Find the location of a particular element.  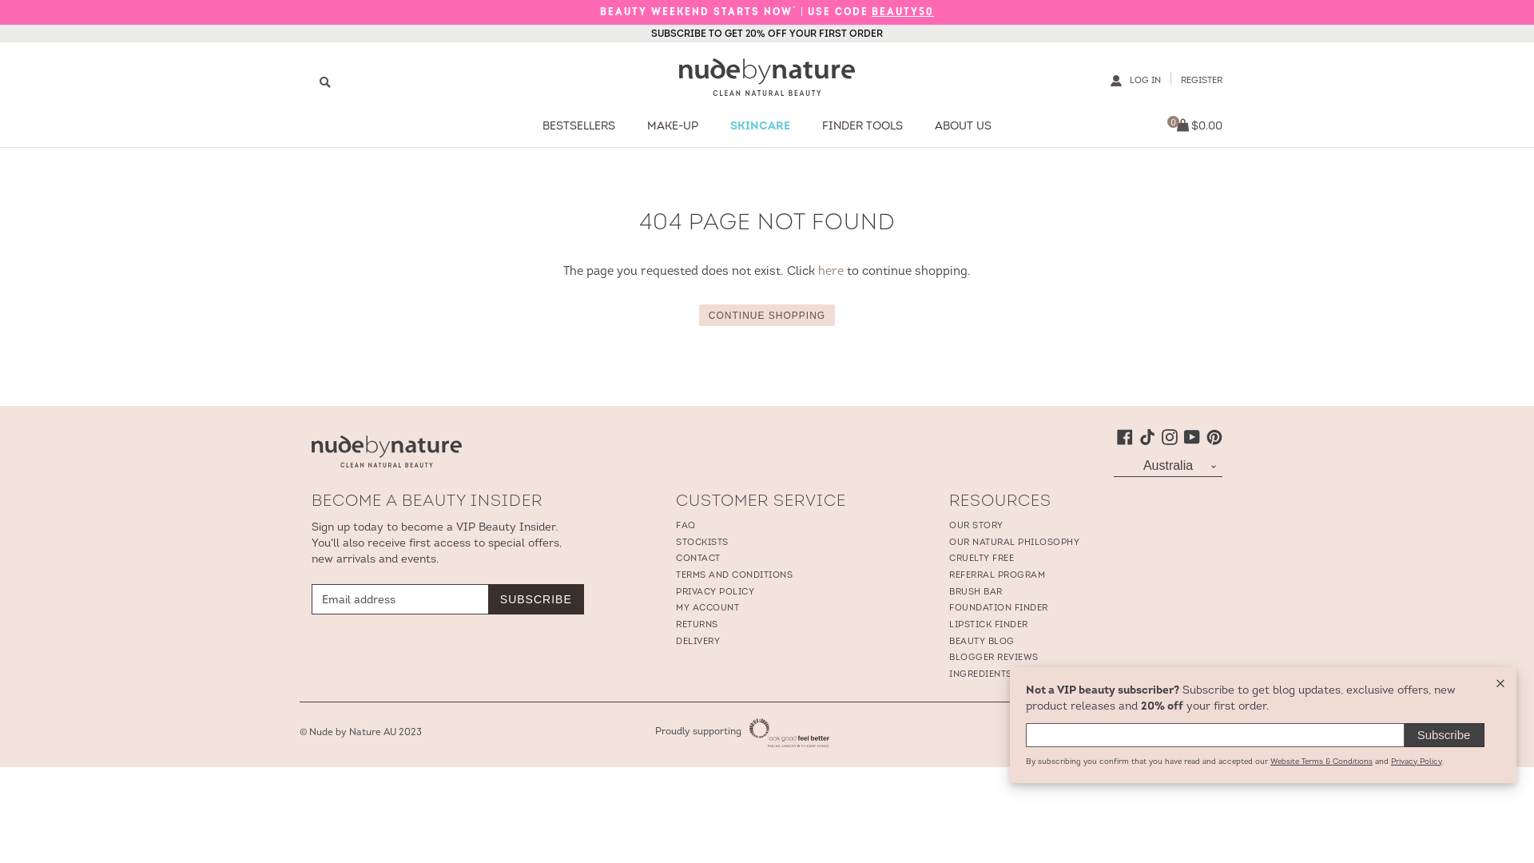

'REGISTER' is located at coordinates (1201, 81).